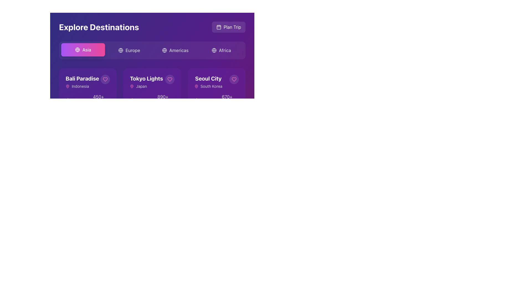 This screenshot has height=299, width=532. What do you see at coordinates (162, 100) in the screenshot?
I see `text label displaying the number of travelers associated with the 'Tokyo Lights' destination, which is the third item in a horizontally aligned group of traveler count indicators` at bounding box center [162, 100].